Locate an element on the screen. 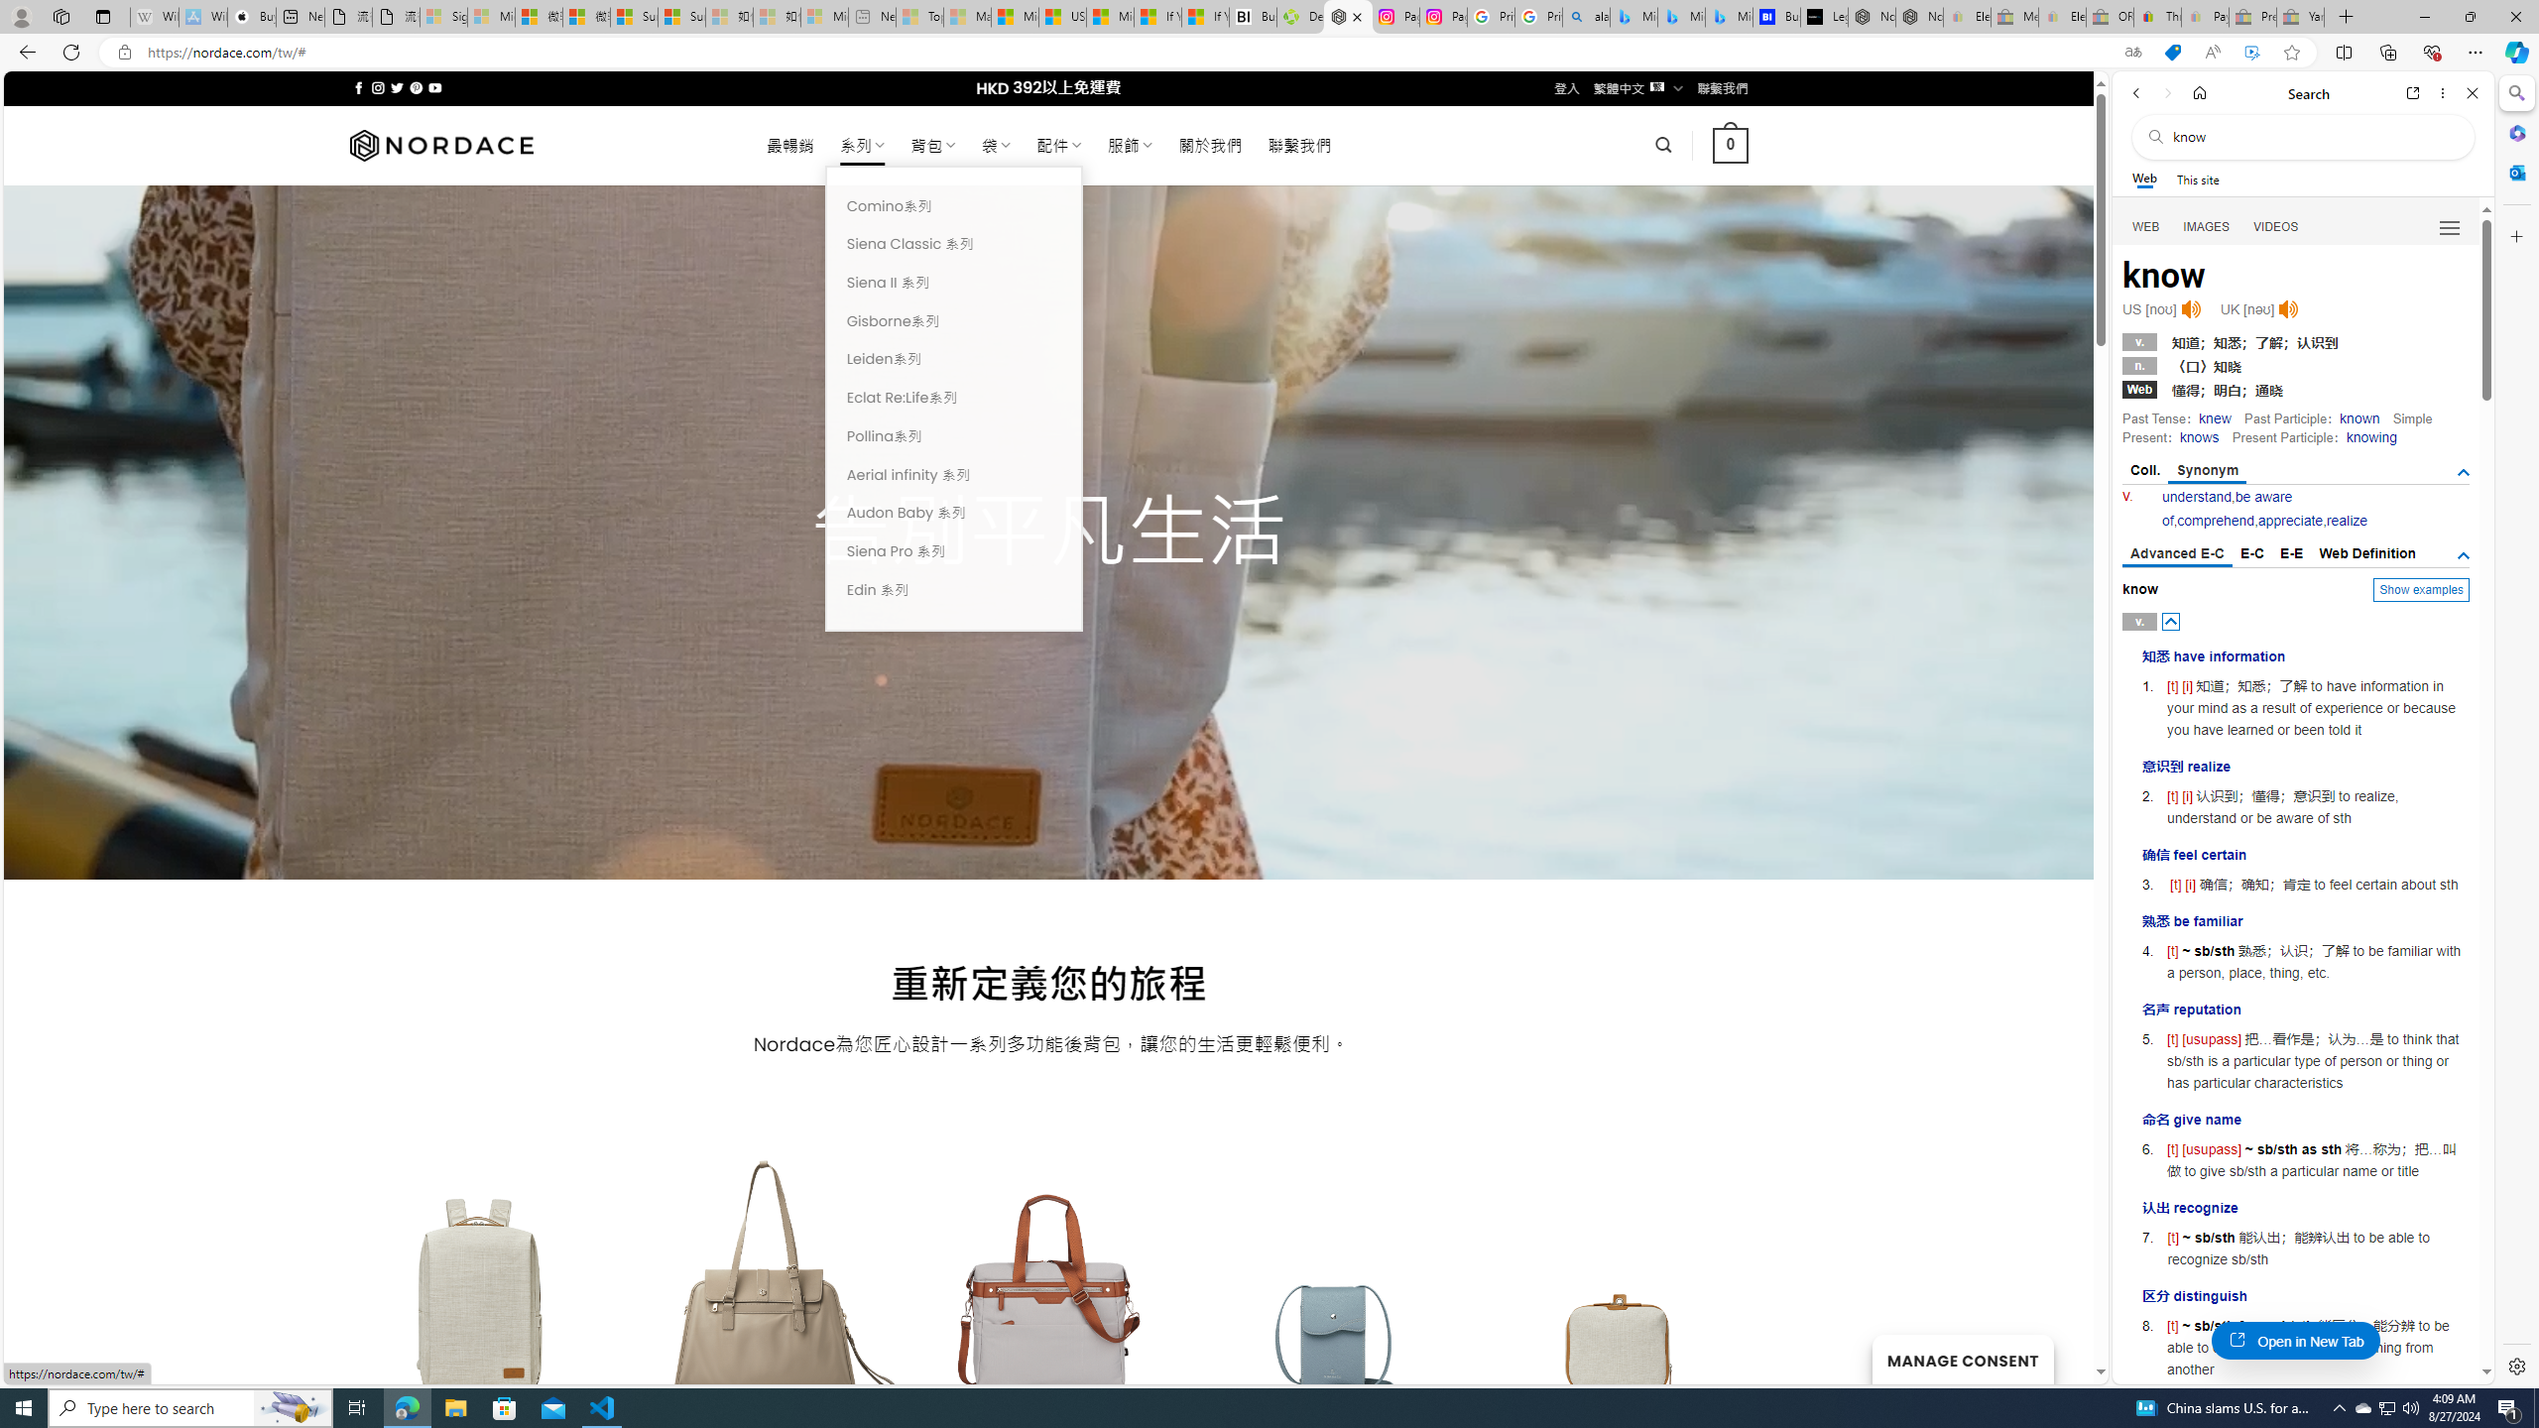 The image size is (2539, 1428). 'appreciate' is located at coordinates (2289, 520).